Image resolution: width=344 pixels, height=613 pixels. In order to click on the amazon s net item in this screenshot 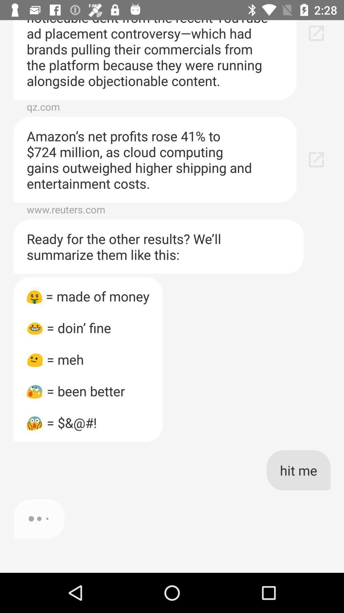, I will do `click(155, 160)`.